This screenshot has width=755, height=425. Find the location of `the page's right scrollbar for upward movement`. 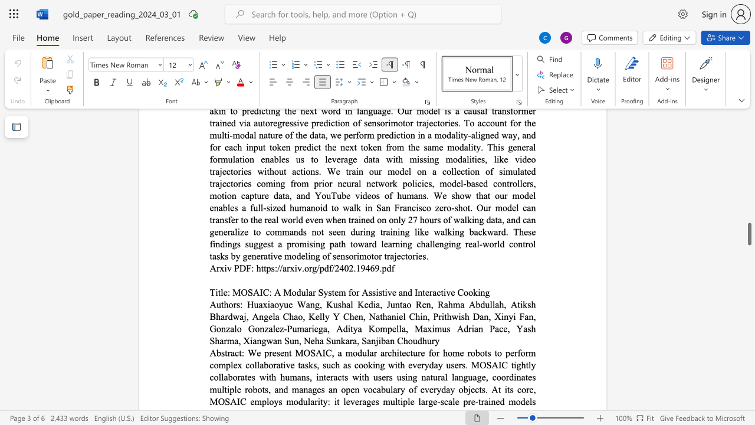

the page's right scrollbar for upward movement is located at coordinates (749, 218).